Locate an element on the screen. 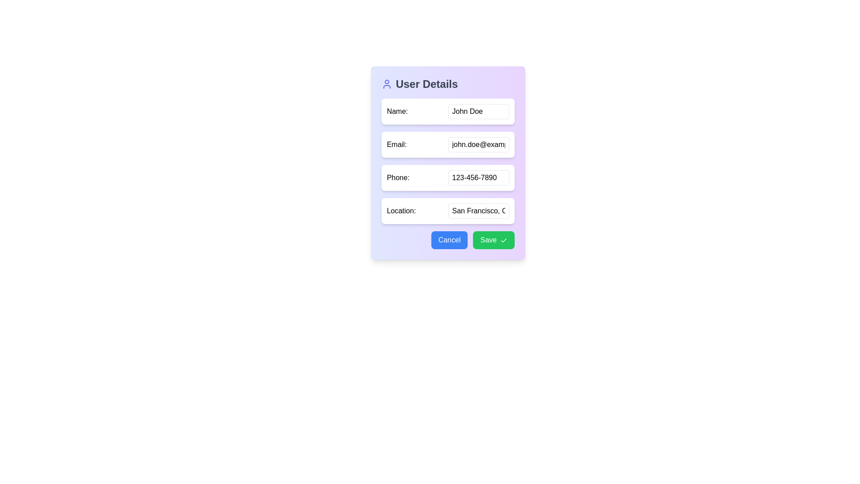 This screenshot has width=860, height=484. the labeled input field for entering an email address, which has the label 'Email:' and is styled with a medium font weight. This field is located below the 'Name:' field and above the 'Phone:' field is located at coordinates (447, 144).